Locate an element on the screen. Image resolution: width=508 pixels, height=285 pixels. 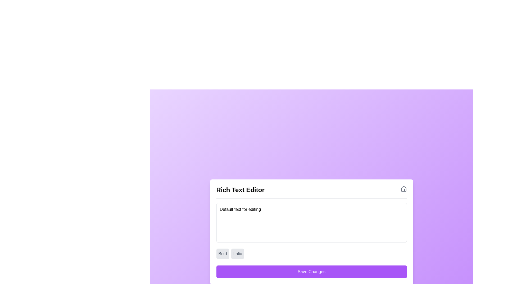
the home icon located in the upper-right corner of the interface, which is part of a graphical representation of a house shape is located at coordinates (403, 190).